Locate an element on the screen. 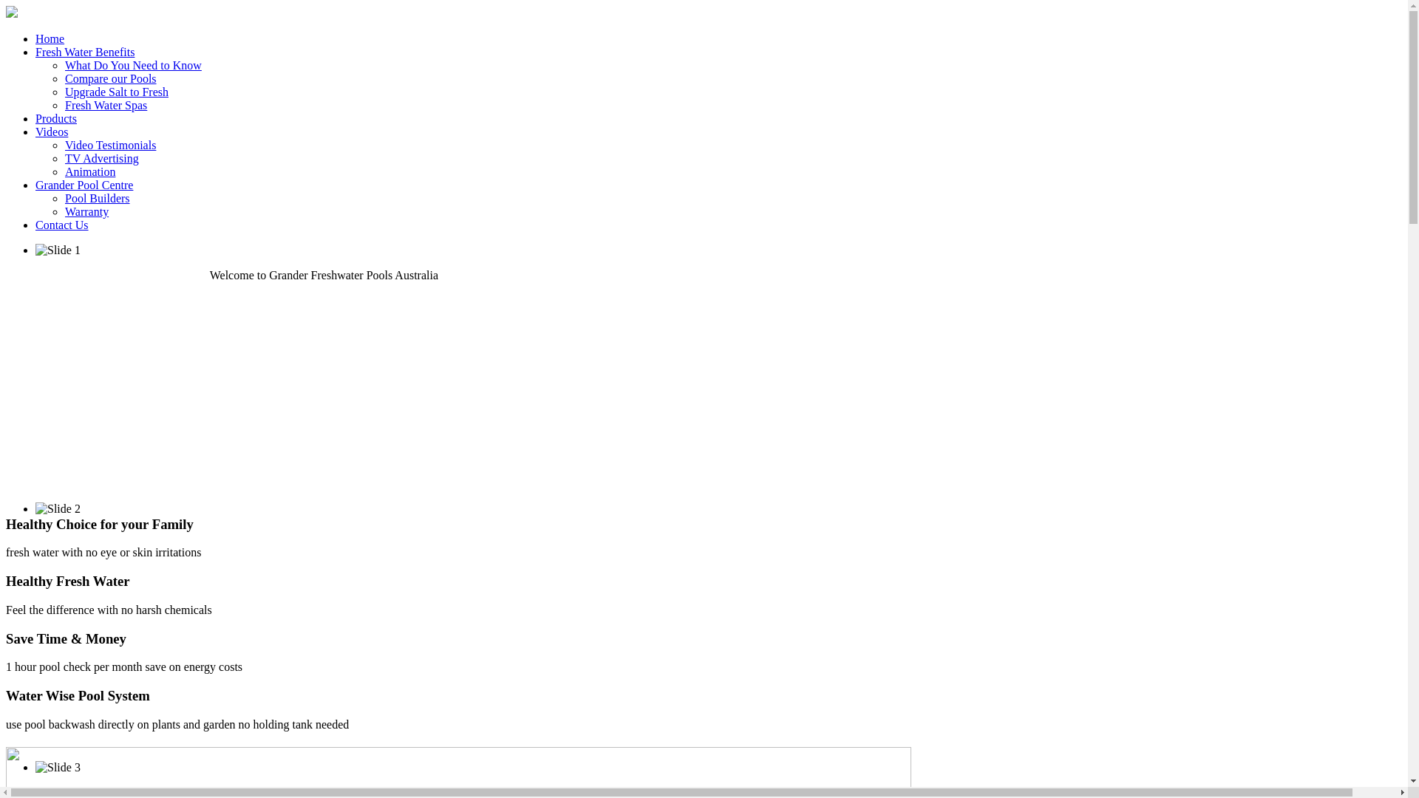  'Warranty' is located at coordinates (64, 211).